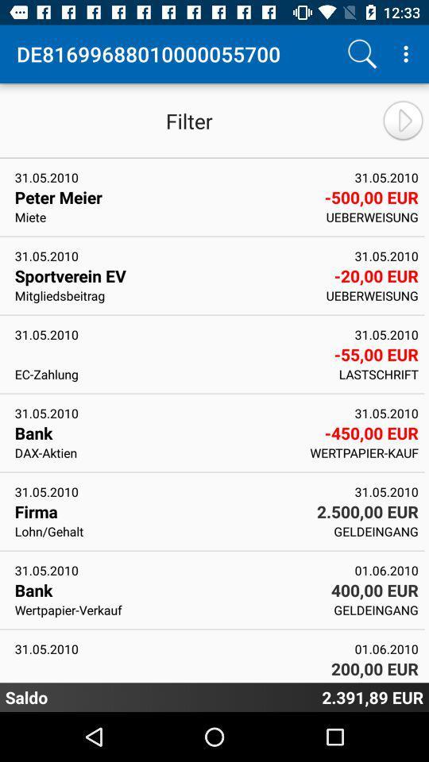 The height and width of the screenshot is (762, 429). What do you see at coordinates (377, 374) in the screenshot?
I see `lastschrift app` at bounding box center [377, 374].